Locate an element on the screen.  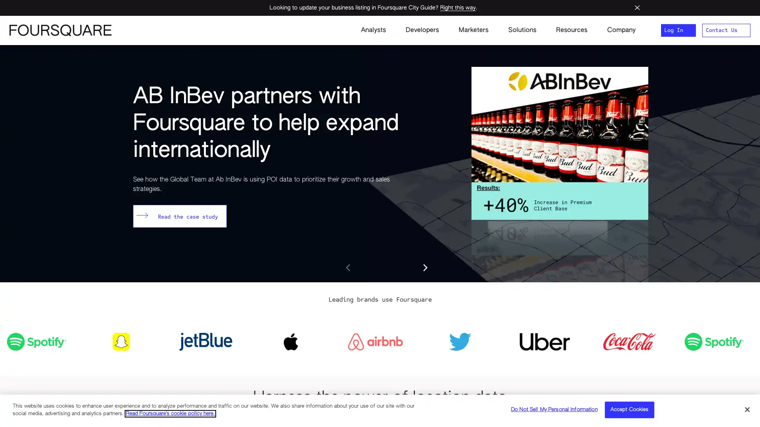
Analysts is located at coordinates (373, 30).